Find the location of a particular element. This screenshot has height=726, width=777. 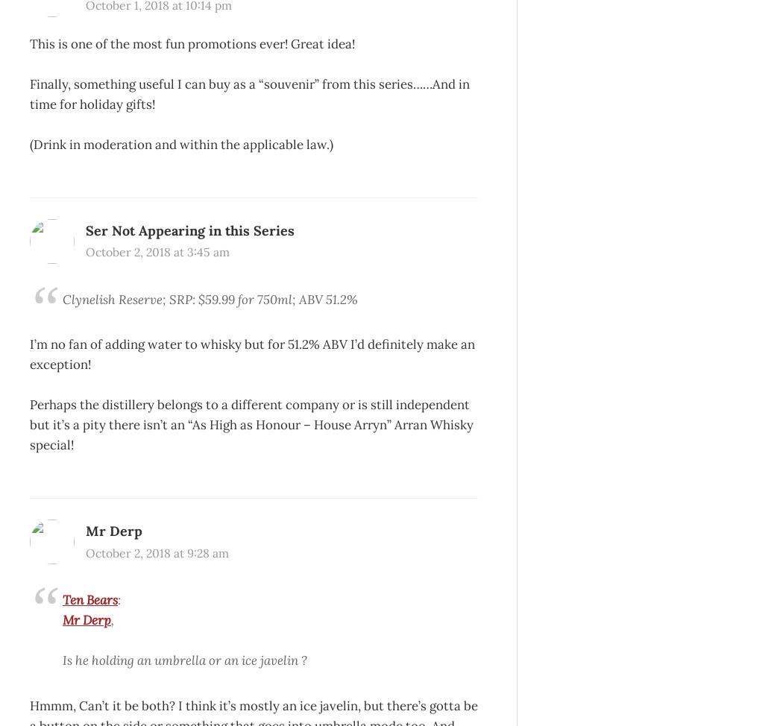

',' is located at coordinates (112, 619).